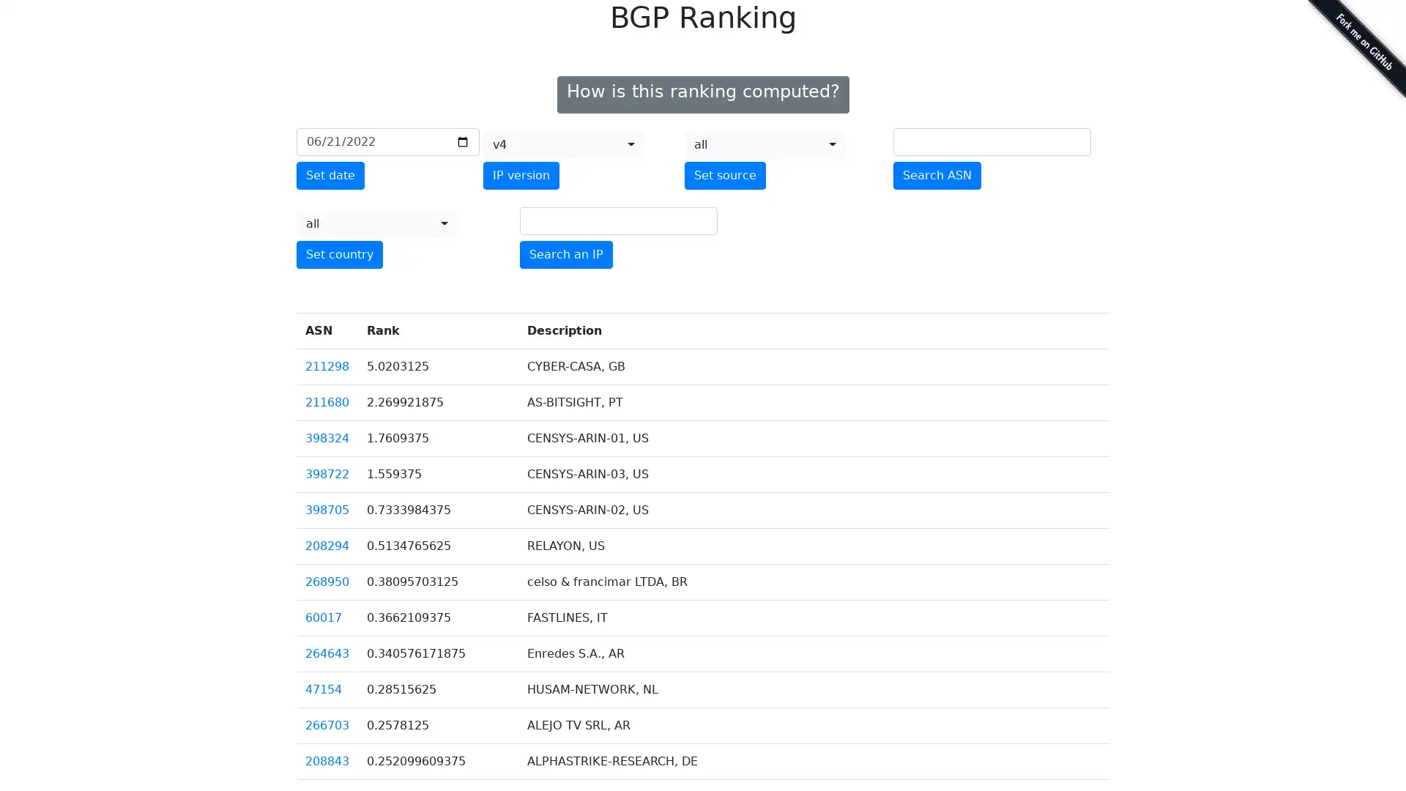 The width and height of the screenshot is (1406, 791). What do you see at coordinates (702, 94) in the screenshot?
I see `How is this ranking computed?` at bounding box center [702, 94].